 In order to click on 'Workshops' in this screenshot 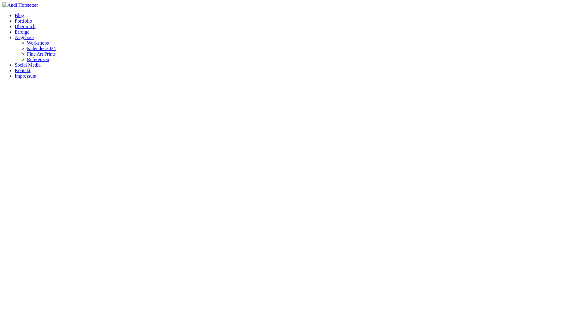, I will do `click(38, 42)`.